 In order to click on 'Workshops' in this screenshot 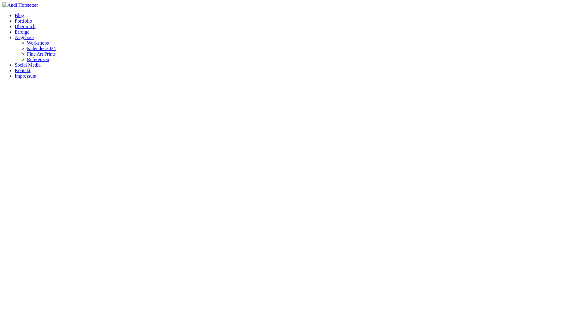, I will do `click(38, 42)`.